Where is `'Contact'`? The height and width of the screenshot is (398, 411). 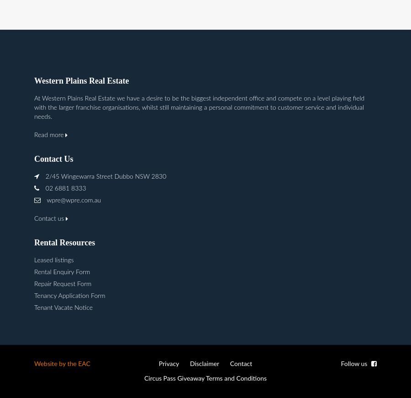 'Contact' is located at coordinates (229, 364).